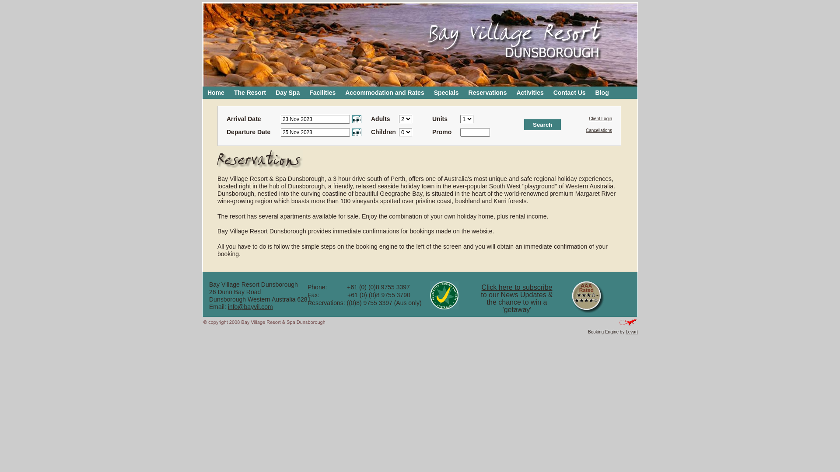 The image size is (840, 472). Describe the element at coordinates (322, 93) in the screenshot. I see `'Facilities'` at that location.